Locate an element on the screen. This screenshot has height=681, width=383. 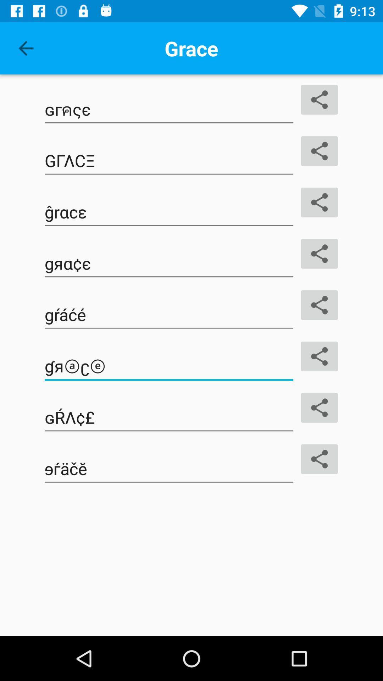
the share icon is located at coordinates (319, 408).